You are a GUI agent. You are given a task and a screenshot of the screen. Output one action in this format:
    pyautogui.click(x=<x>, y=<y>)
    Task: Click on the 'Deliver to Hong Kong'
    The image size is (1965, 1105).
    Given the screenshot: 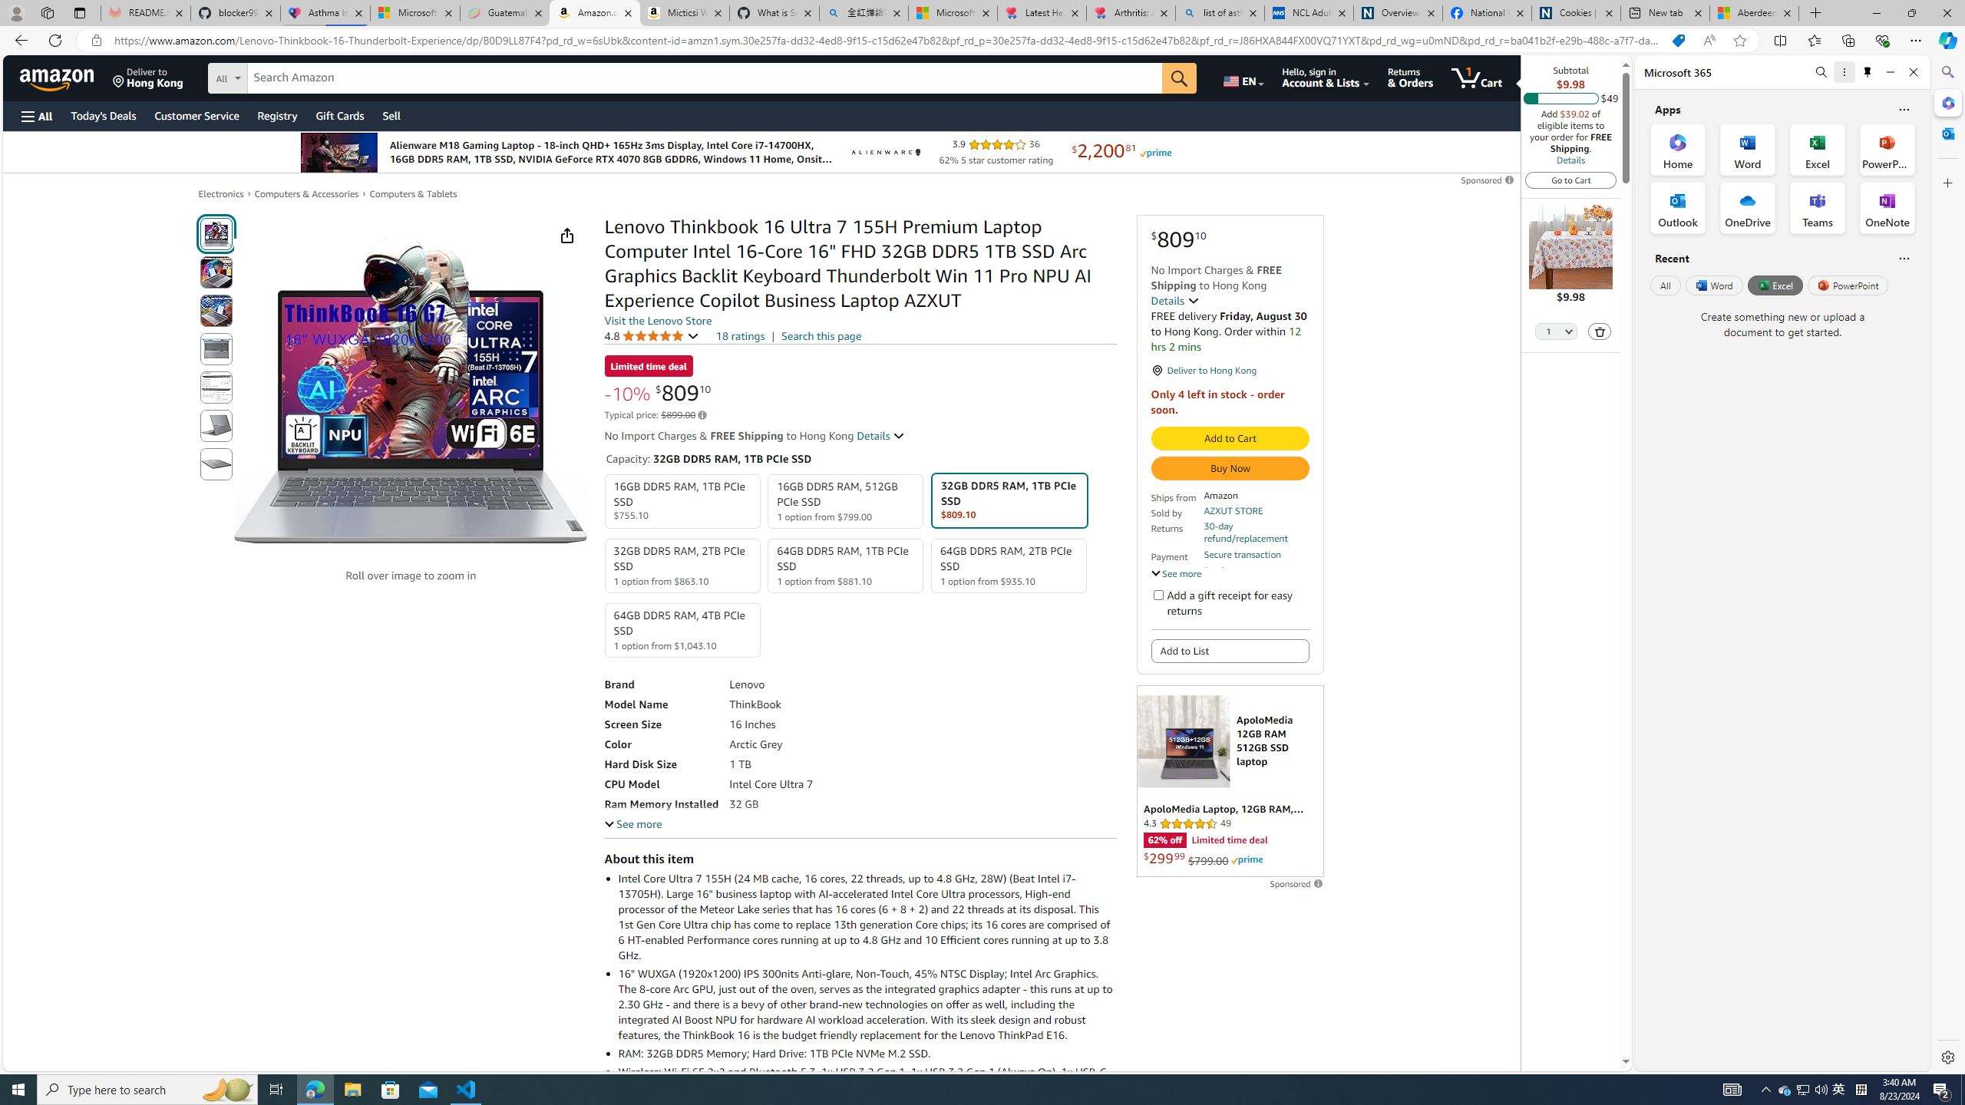 What is the action you would take?
    pyautogui.click(x=147, y=77)
    